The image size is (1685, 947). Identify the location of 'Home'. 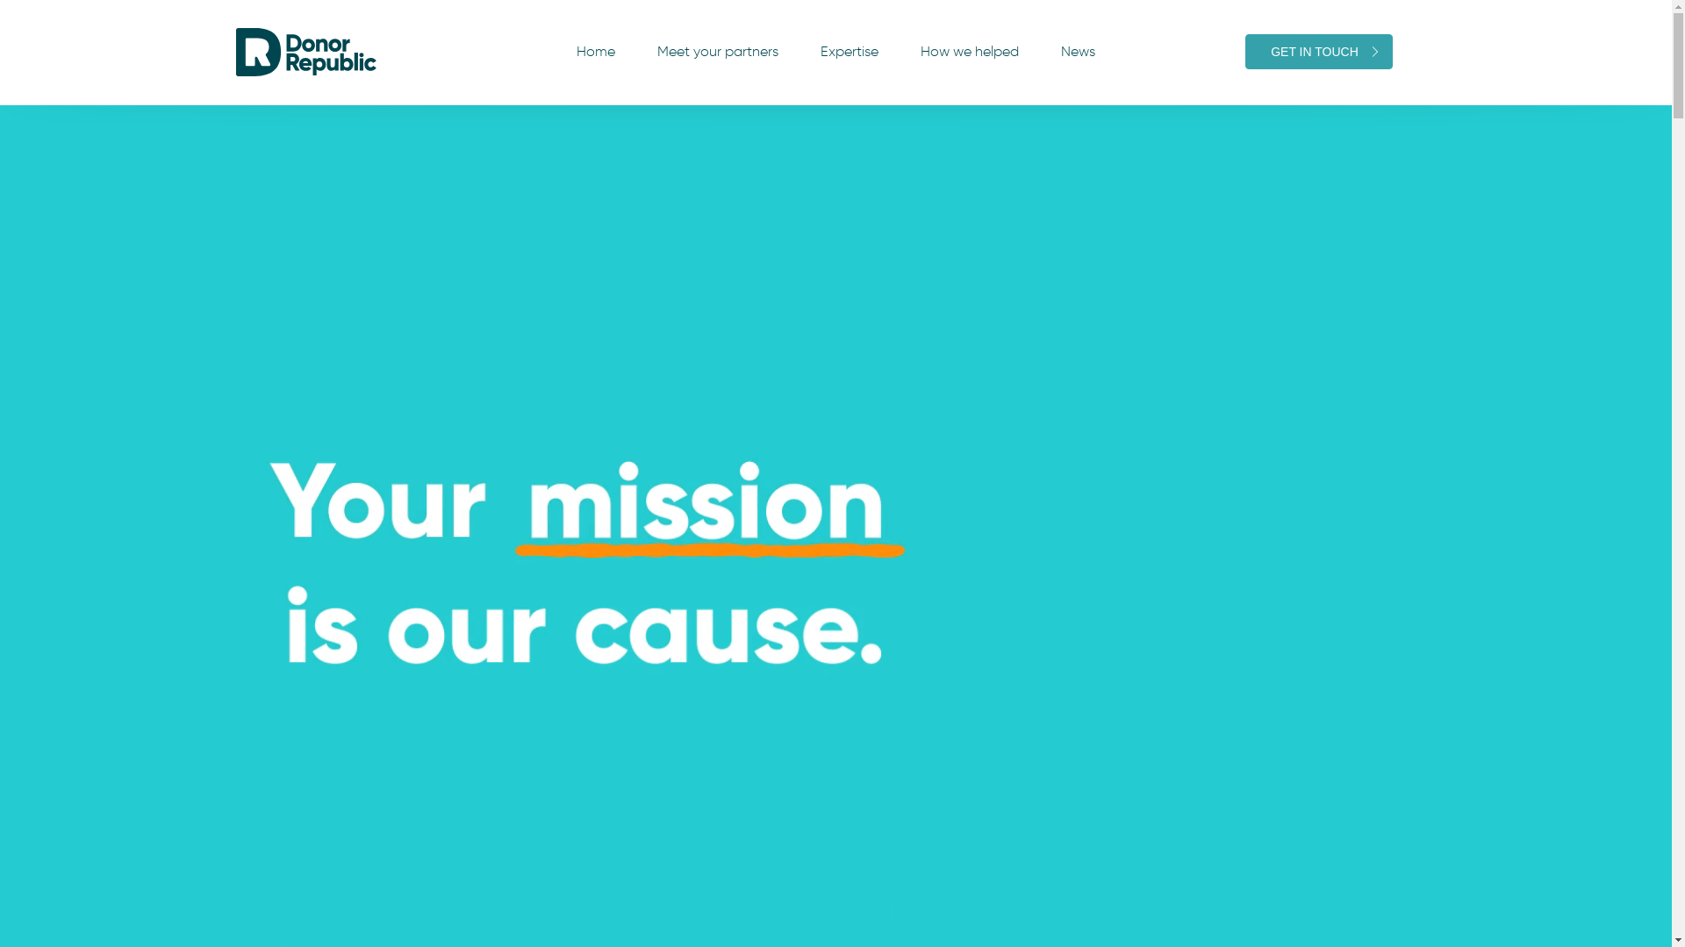
(595, 50).